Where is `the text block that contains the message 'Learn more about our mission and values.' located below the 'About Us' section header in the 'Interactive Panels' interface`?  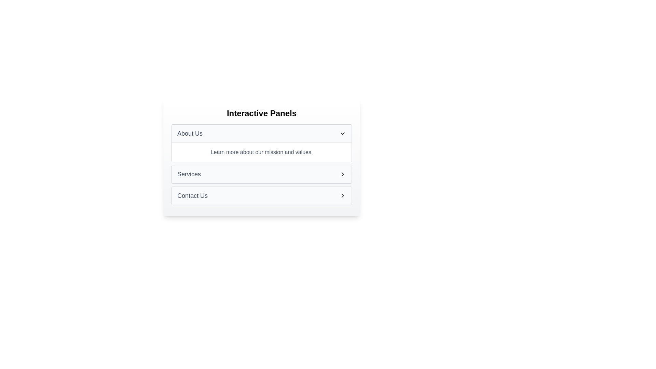 the text block that contains the message 'Learn more about our mission and values.' located below the 'About Us' section header in the 'Interactive Panels' interface is located at coordinates (261, 152).